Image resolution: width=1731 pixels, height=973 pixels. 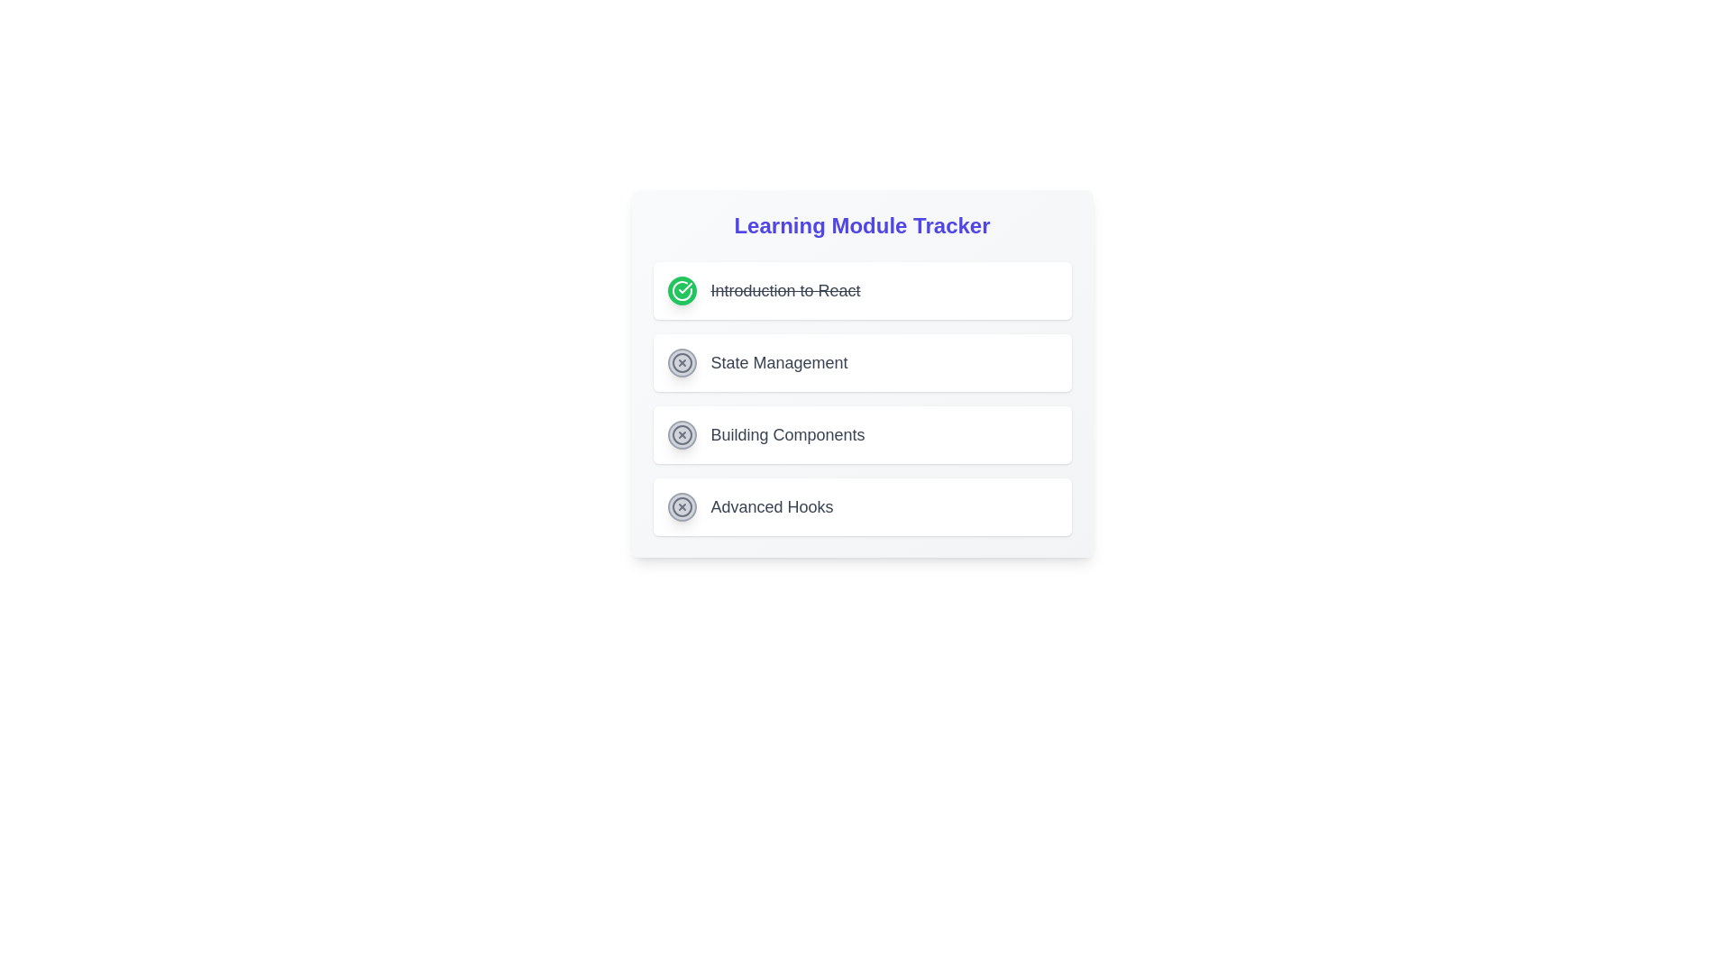 I want to click on the text 'Introduction, so click(x=861, y=290).